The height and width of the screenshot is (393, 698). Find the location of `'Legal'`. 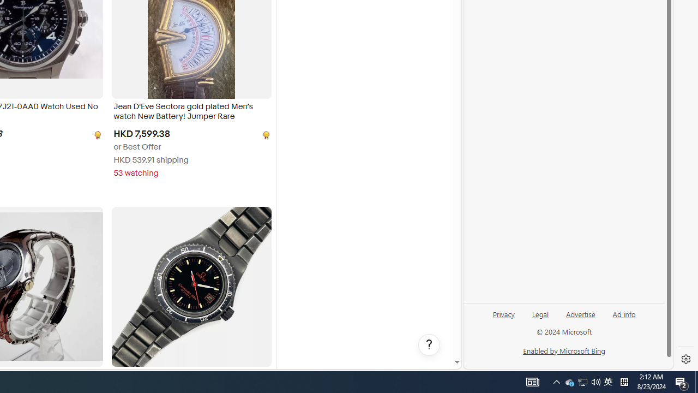

'Legal' is located at coordinates (540, 313).